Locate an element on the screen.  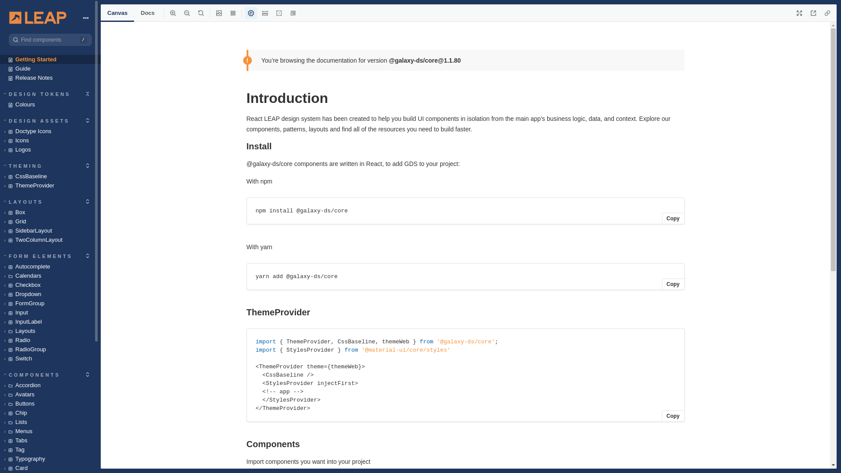
'Autocomplete' is located at coordinates (50, 266).